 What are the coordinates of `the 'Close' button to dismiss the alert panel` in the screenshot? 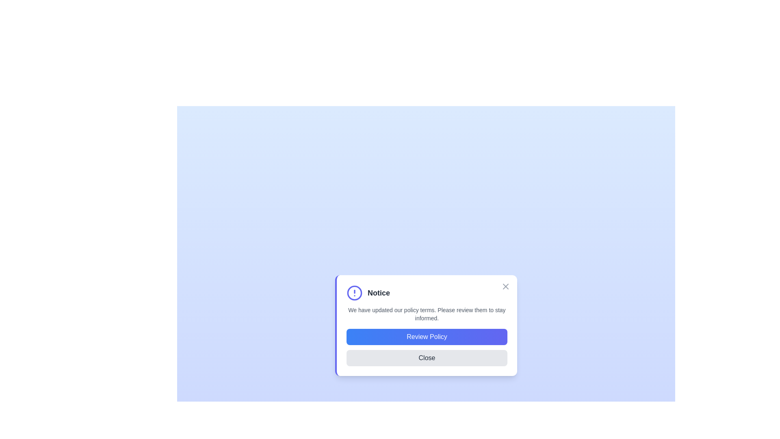 It's located at (427, 357).